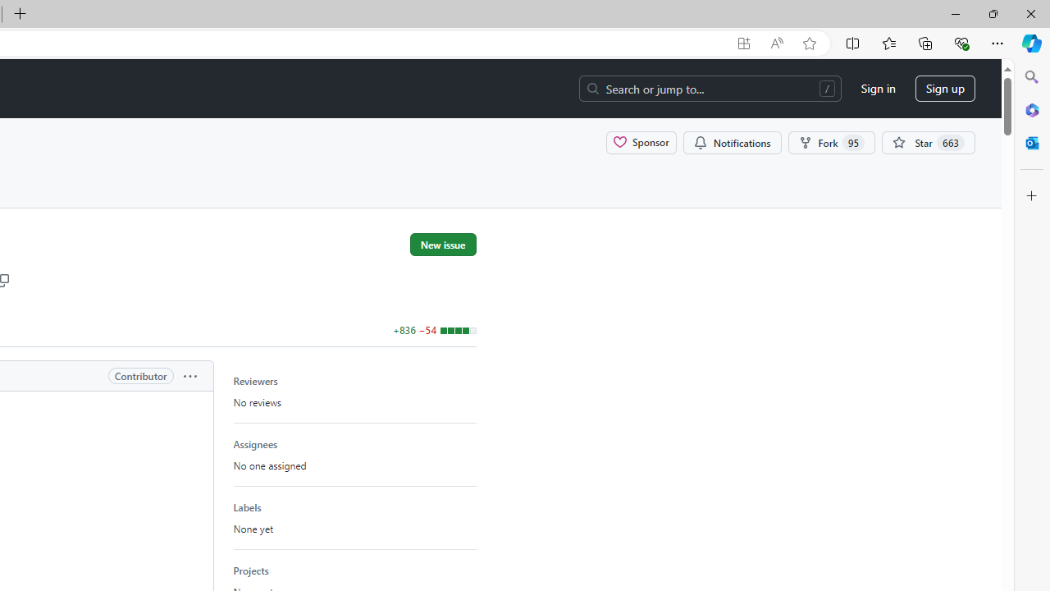 The width and height of the screenshot is (1050, 591). What do you see at coordinates (831, 141) in the screenshot?
I see `'Fork 95'` at bounding box center [831, 141].